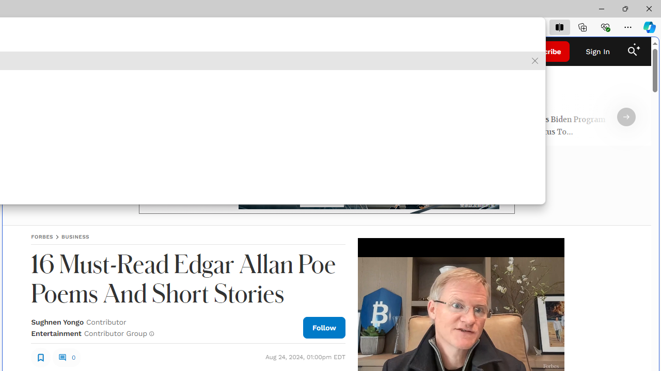 The height and width of the screenshot is (371, 661). Describe the element at coordinates (151, 333) in the screenshot. I see `'Class: fs-icon fs-icon--info'` at that location.